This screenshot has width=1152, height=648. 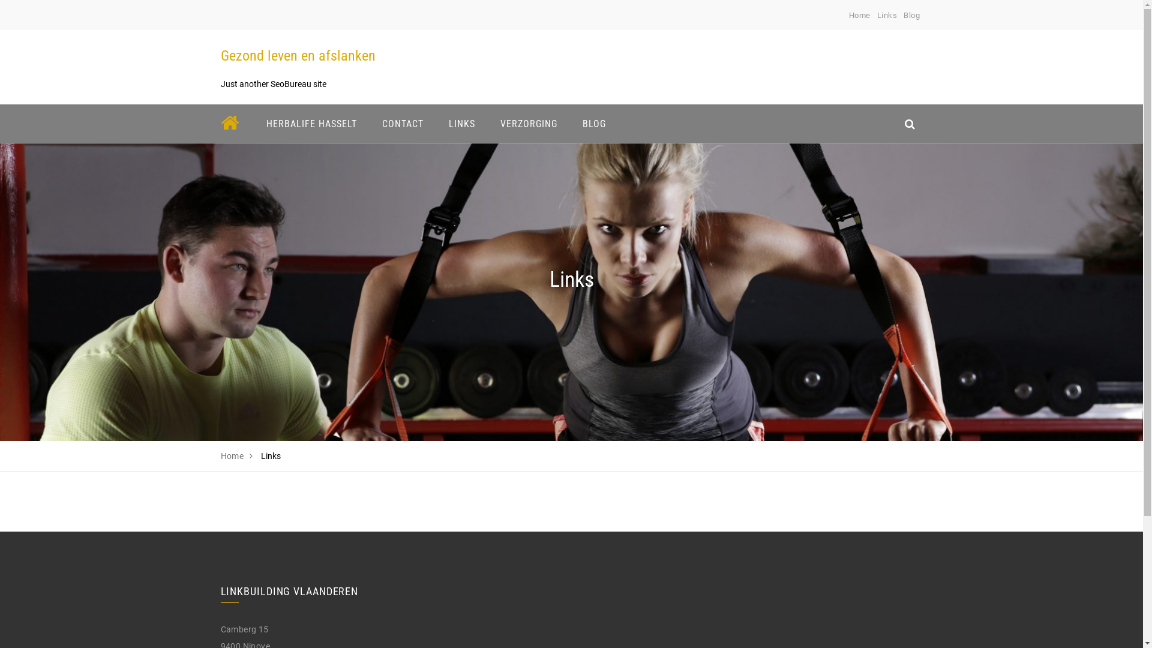 I want to click on 'Links', so click(x=887, y=15).